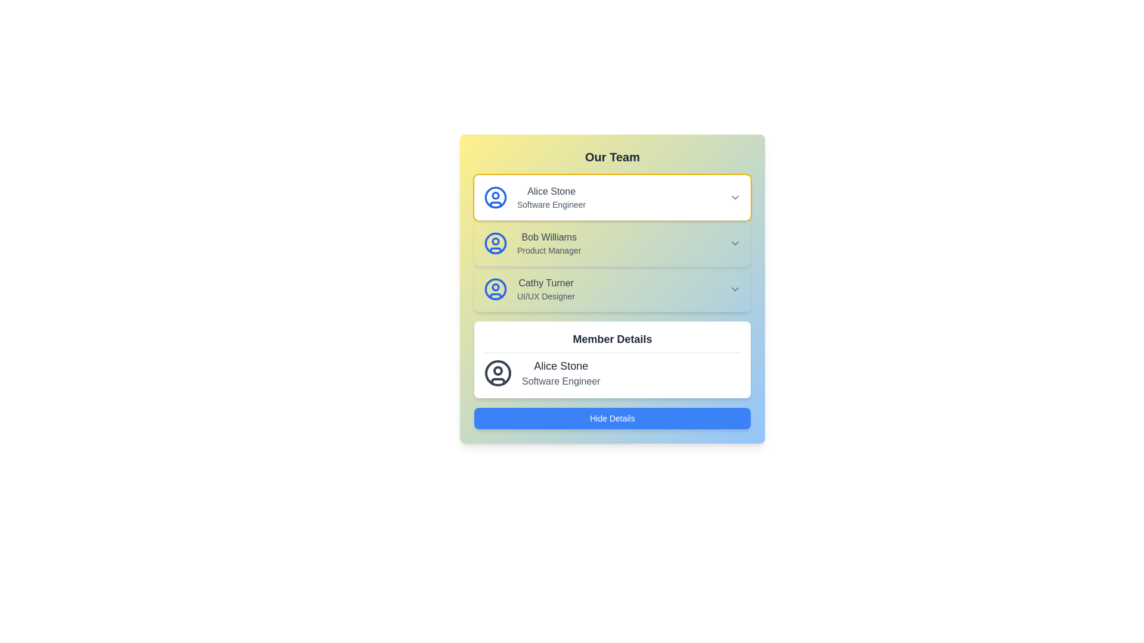 The height and width of the screenshot is (643, 1144). I want to click on the third list item in the 'Our Team' section that displays information about team member 'Cathy Turner', a UI/UX Designer, so click(545, 289).